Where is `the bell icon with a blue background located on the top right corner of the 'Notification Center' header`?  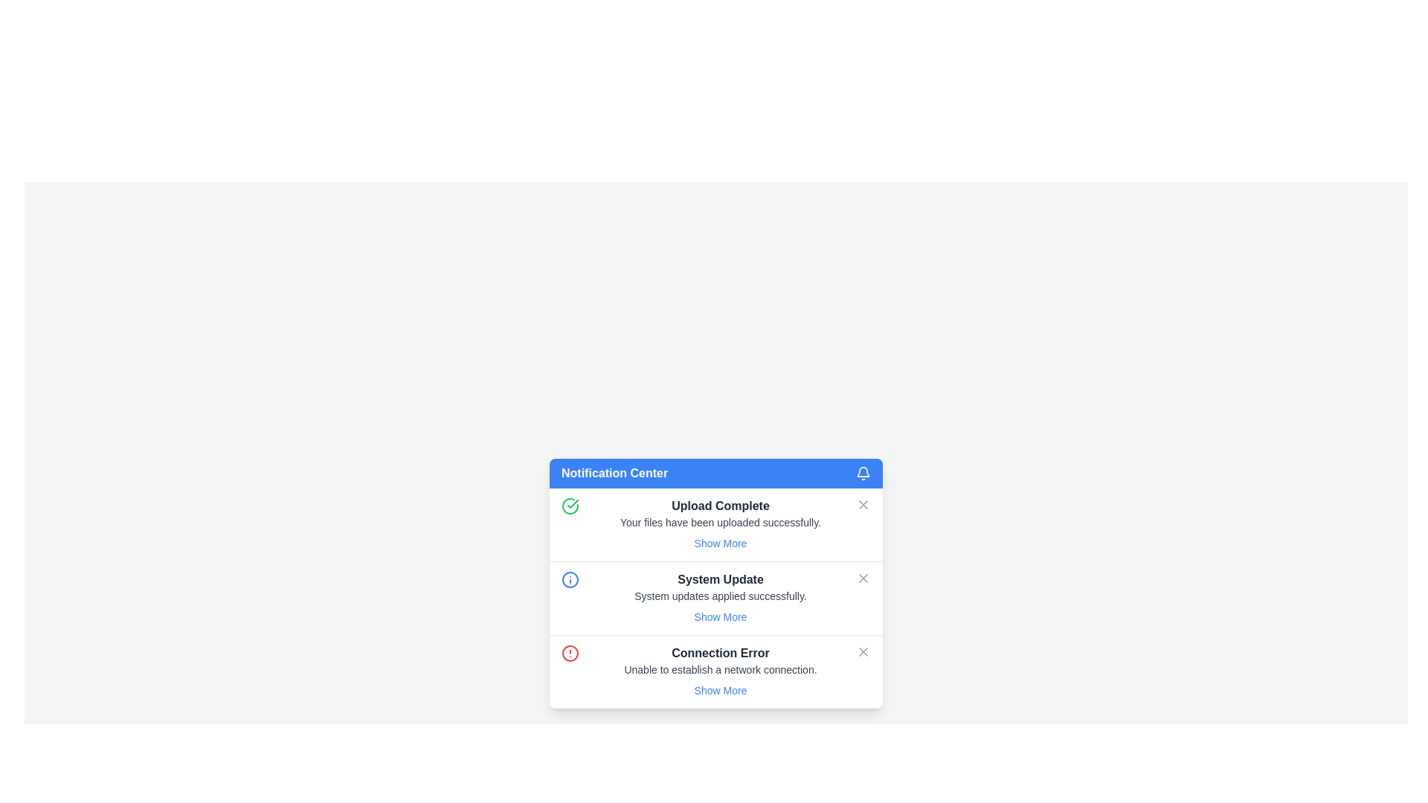
the bell icon with a blue background located on the top right corner of the 'Notification Center' header is located at coordinates (863, 473).